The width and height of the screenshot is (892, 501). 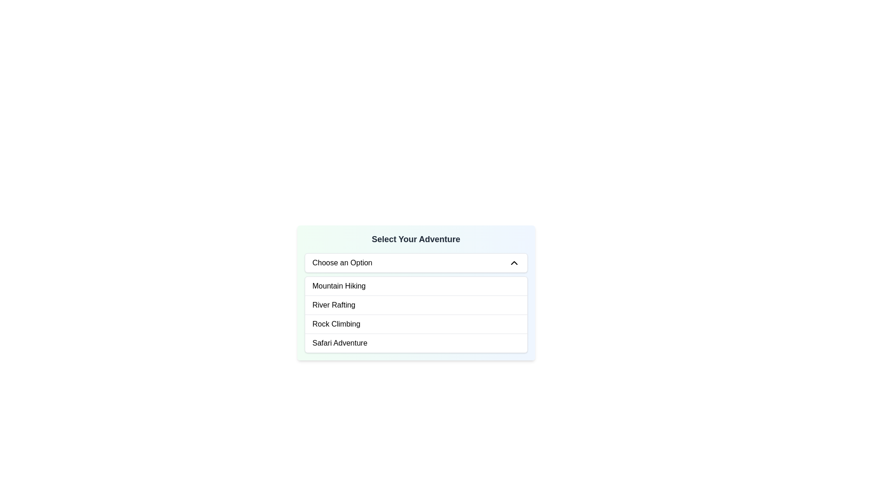 What do you see at coordinates (415, 323) in the screenshot?
I see `the 'Rock Climbing' menu item in the dropdown` at bounding box center [415, 323].